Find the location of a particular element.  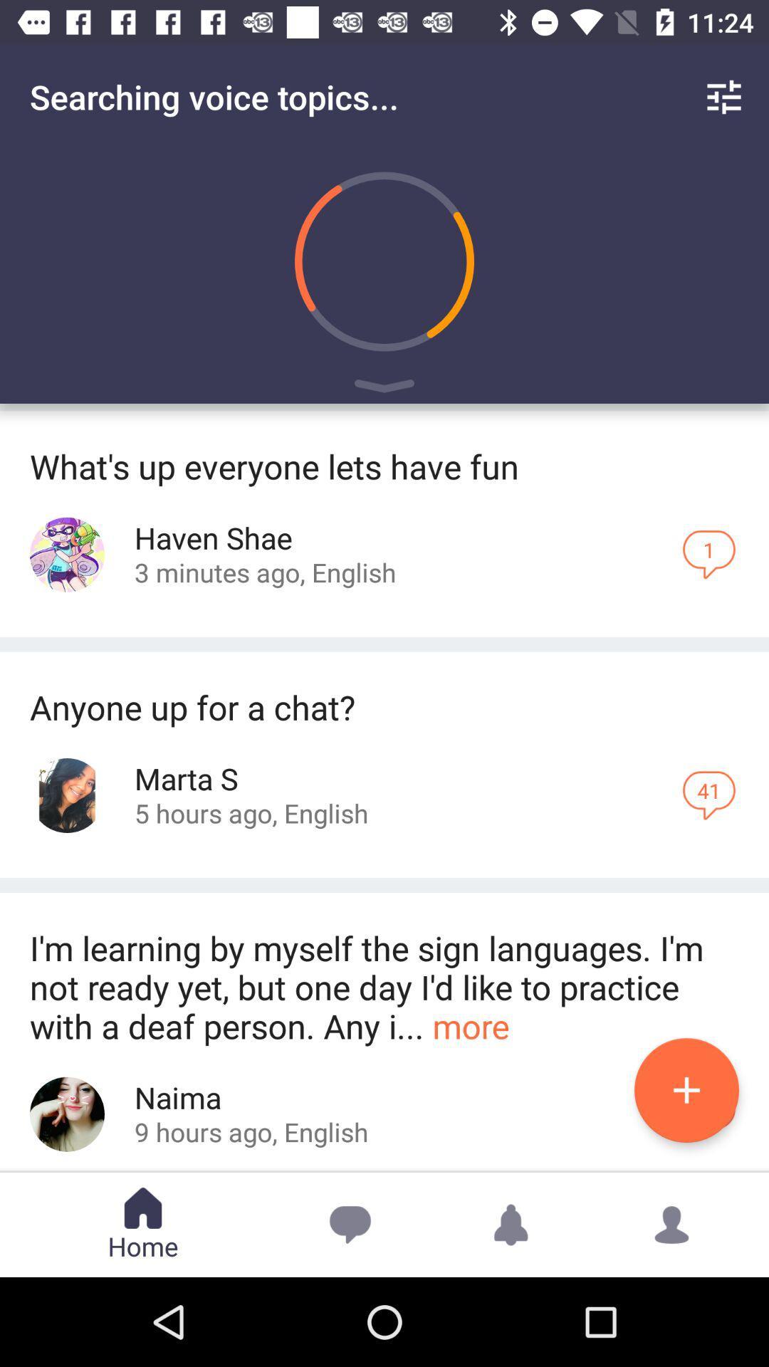

play is located at coordinates (384, 389).